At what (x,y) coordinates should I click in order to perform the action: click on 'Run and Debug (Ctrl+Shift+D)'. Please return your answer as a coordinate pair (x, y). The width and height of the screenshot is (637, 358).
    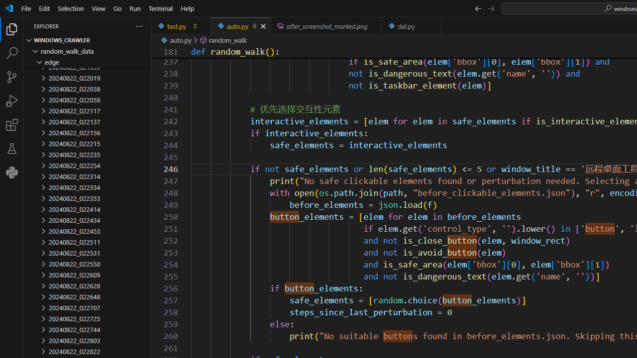
    Looking at the image, I should click on (12, 101).